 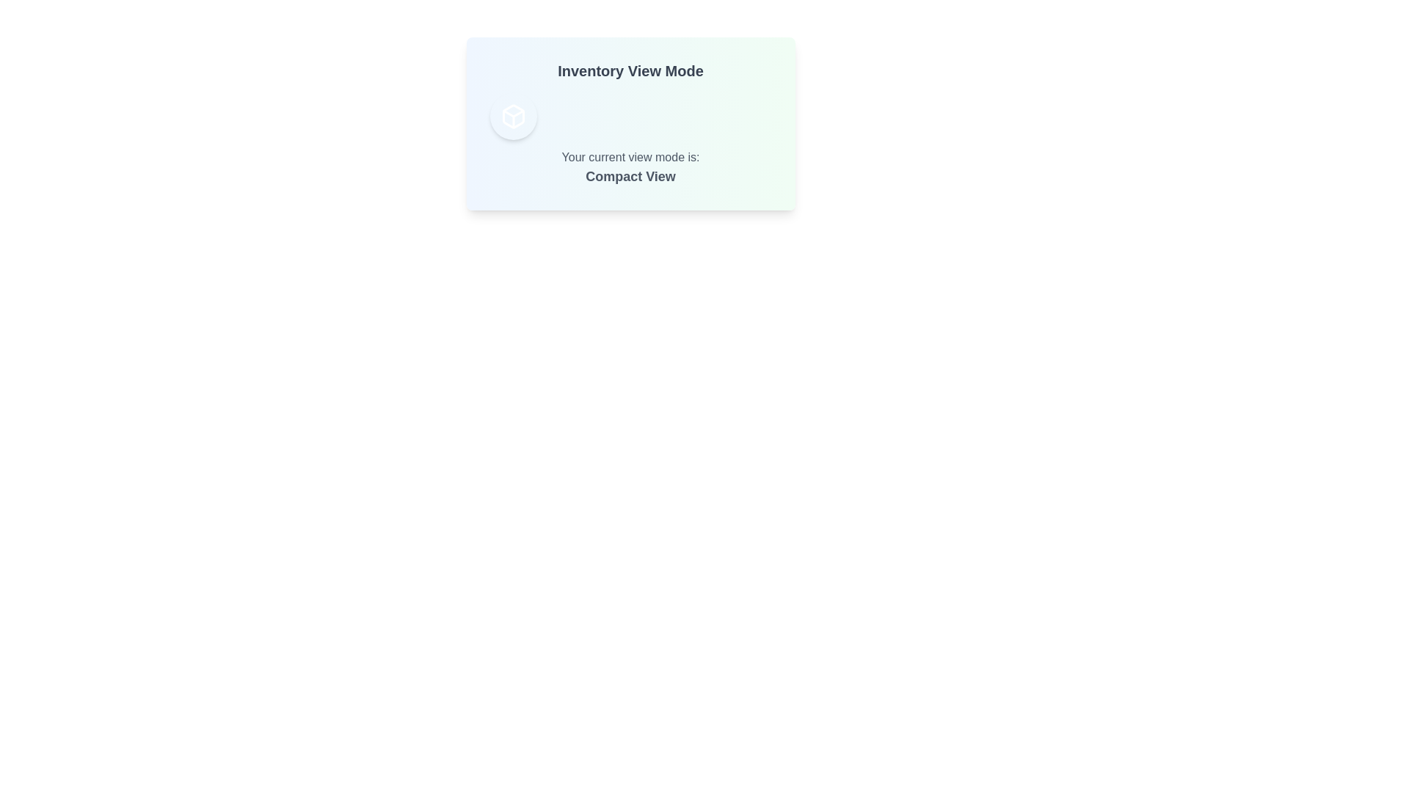 I want to click on the toggle button to observe its hover effects, so click(x=513, y=115).